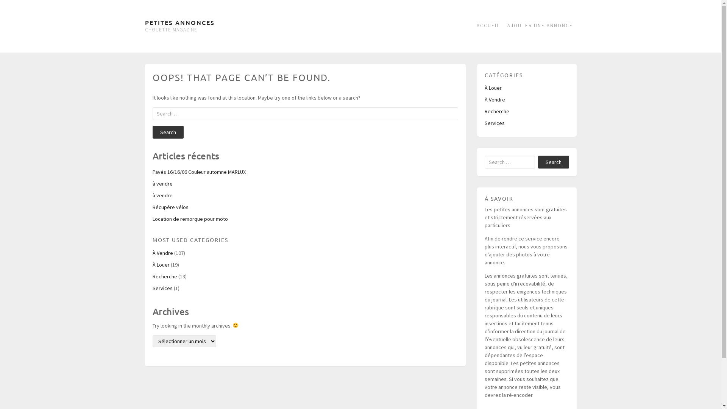 The height and width of the screenshot is (409, 727). I want to click on 'ACCUEIL', so click(488, 26).